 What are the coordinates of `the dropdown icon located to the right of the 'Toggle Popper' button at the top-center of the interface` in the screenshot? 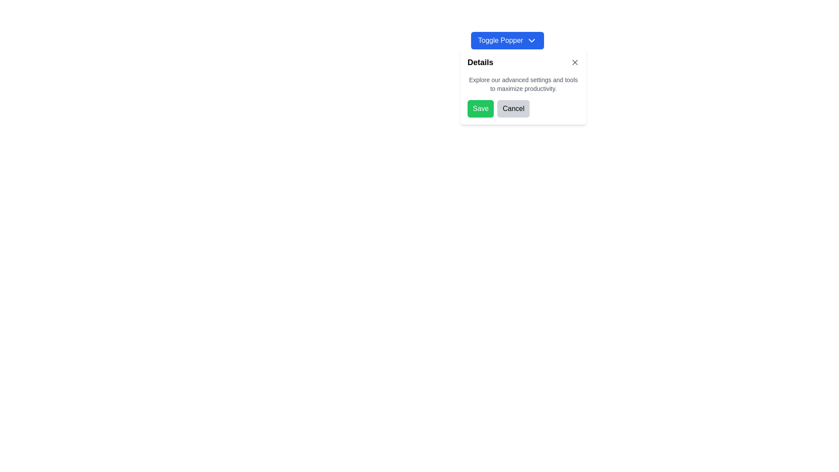 It's located at (531, 40).